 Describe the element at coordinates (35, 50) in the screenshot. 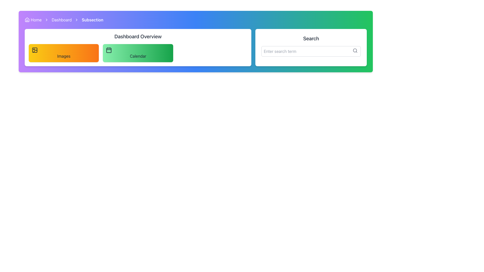

I see `picture frame icon located within the yellow background of the 'Images' button in the top left corner of the UI` at that location.